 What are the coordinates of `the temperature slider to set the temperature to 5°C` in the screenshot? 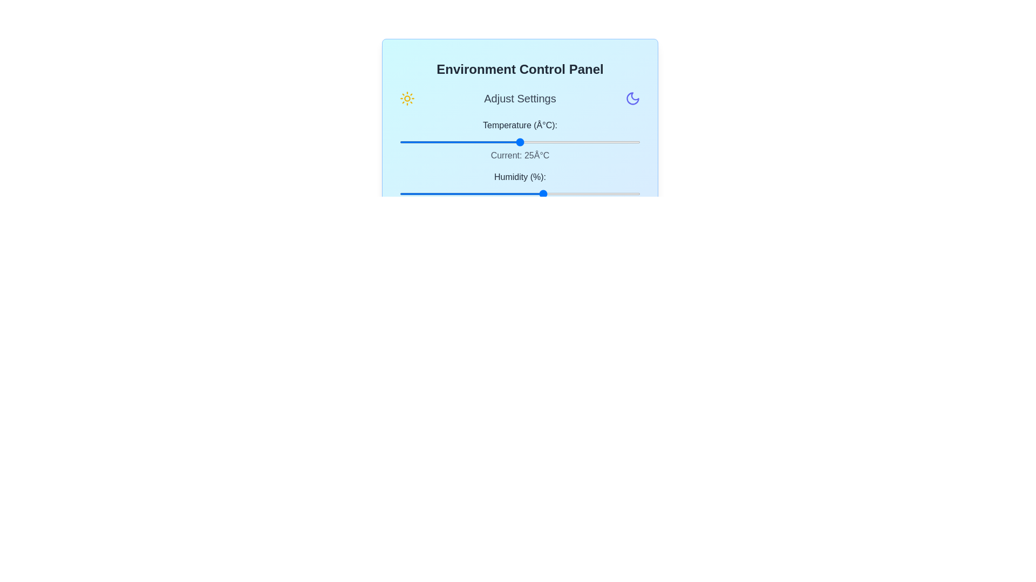 It's located at (423, 141).